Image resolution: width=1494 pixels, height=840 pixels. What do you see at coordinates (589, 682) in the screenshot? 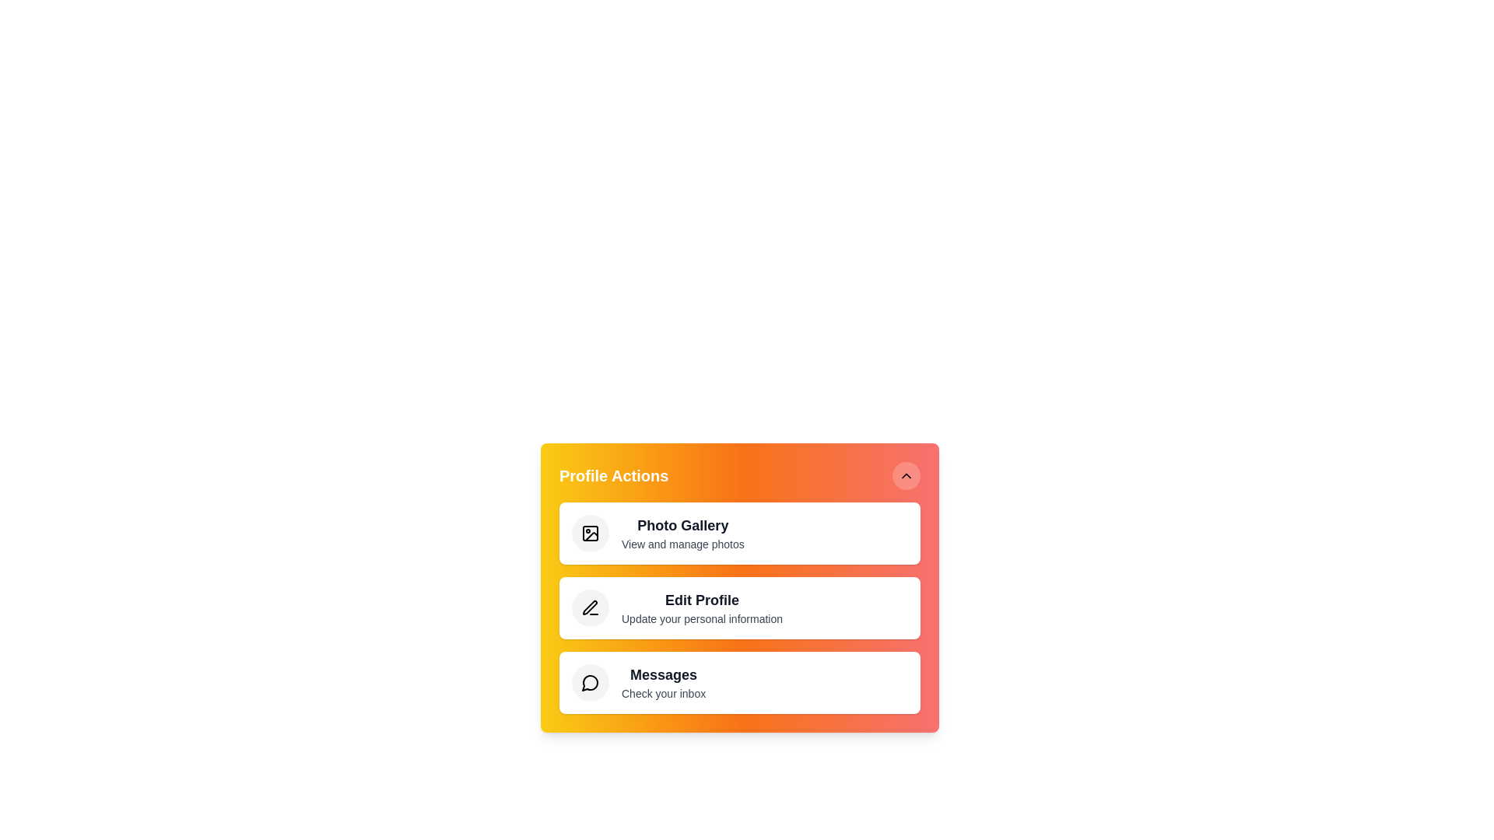
I see `the action Messages to observe its effects` at bounding box center [589, 682].